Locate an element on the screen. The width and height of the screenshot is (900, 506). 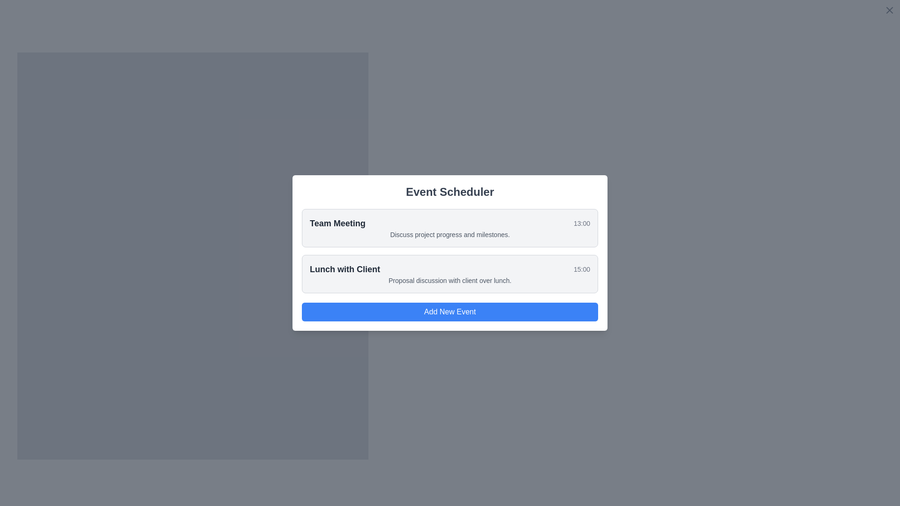
the informational calendar entry card that summarizes a specific event, located at the center of the card positioned above the 'Lunch with Client' block is located at coordinates (450, 228).